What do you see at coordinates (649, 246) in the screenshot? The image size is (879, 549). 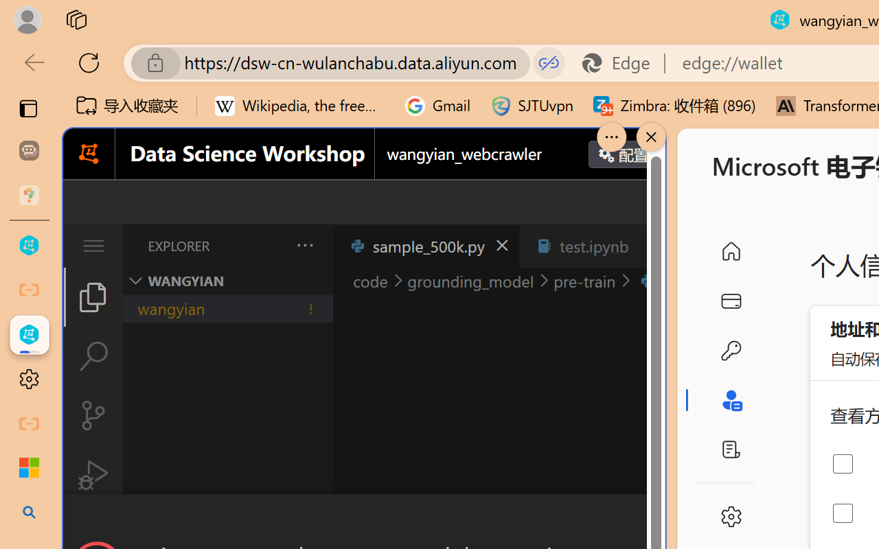 I see `'Close (Ctrl+F4)'` at bounding box center [649, 246].